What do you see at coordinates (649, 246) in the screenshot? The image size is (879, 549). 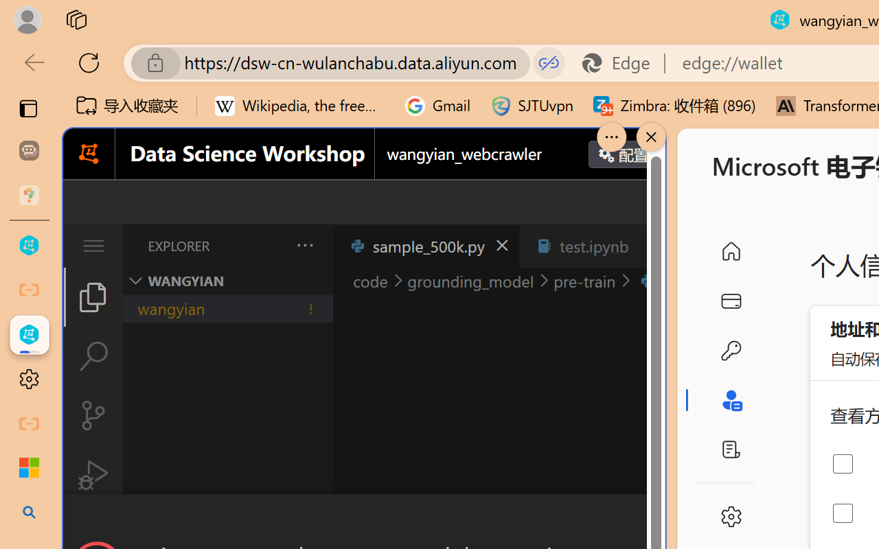 I see `'Close (Ctrl+F4)'` at bounding box center [649, 246].